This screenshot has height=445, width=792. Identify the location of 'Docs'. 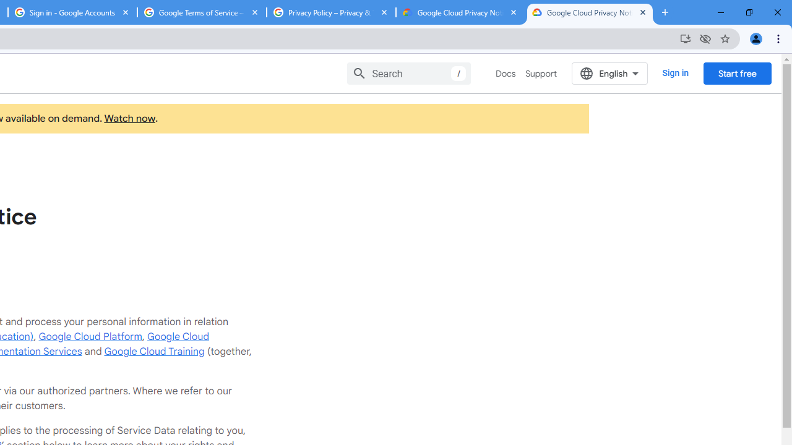
(506, 74).